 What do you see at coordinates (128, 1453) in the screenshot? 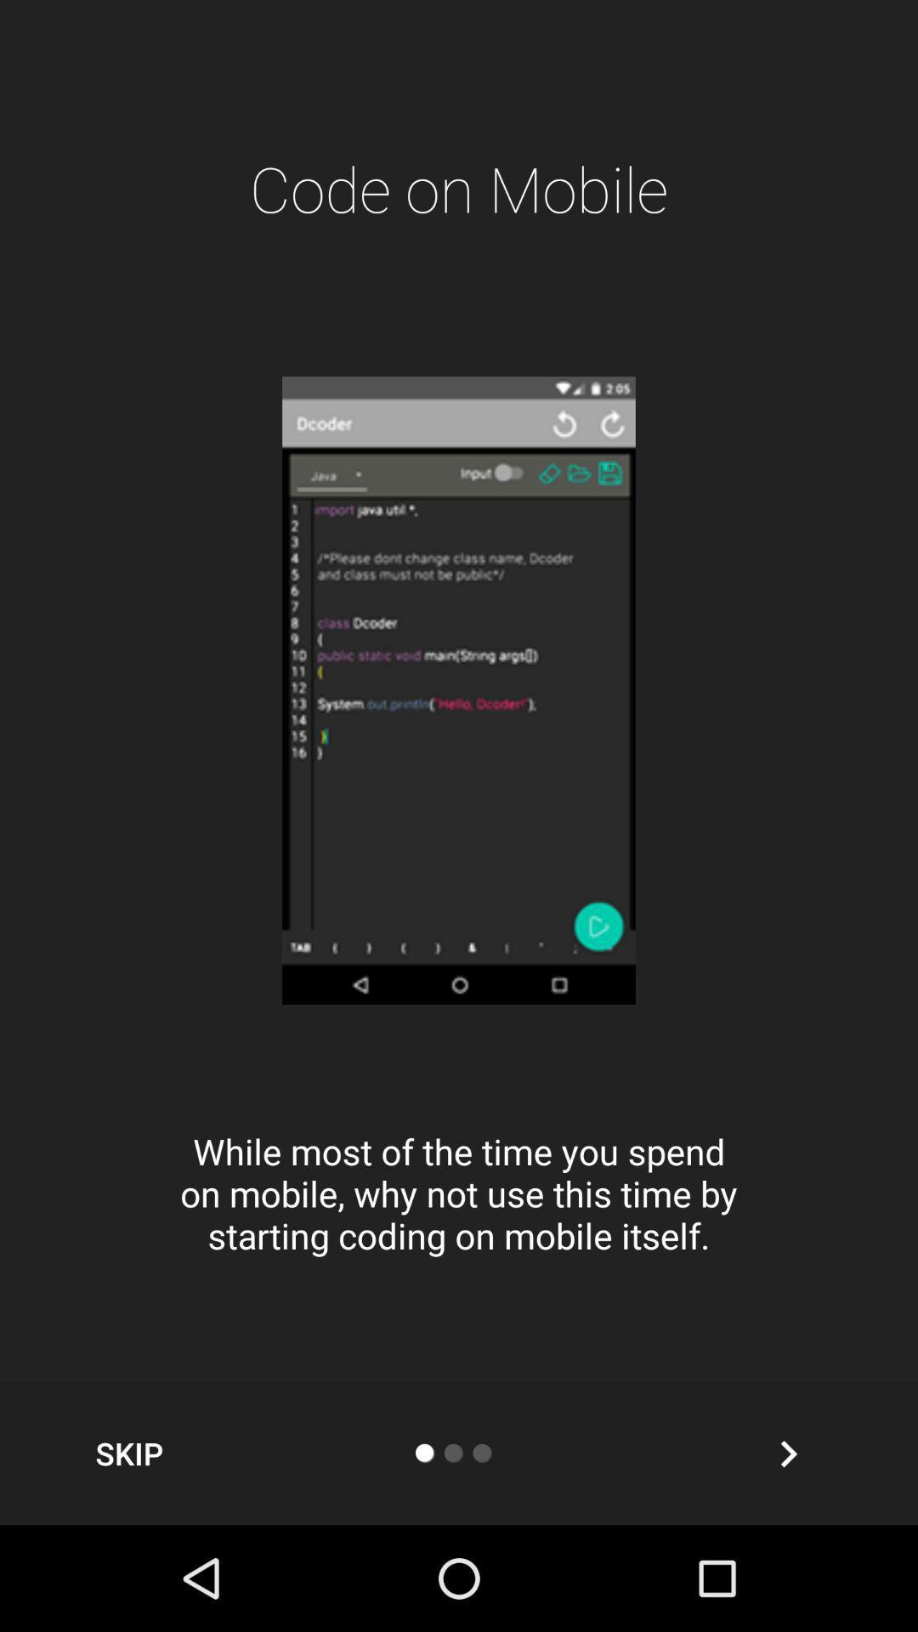
I see `icon below the while most of item` at bounding box center [128, 1453].